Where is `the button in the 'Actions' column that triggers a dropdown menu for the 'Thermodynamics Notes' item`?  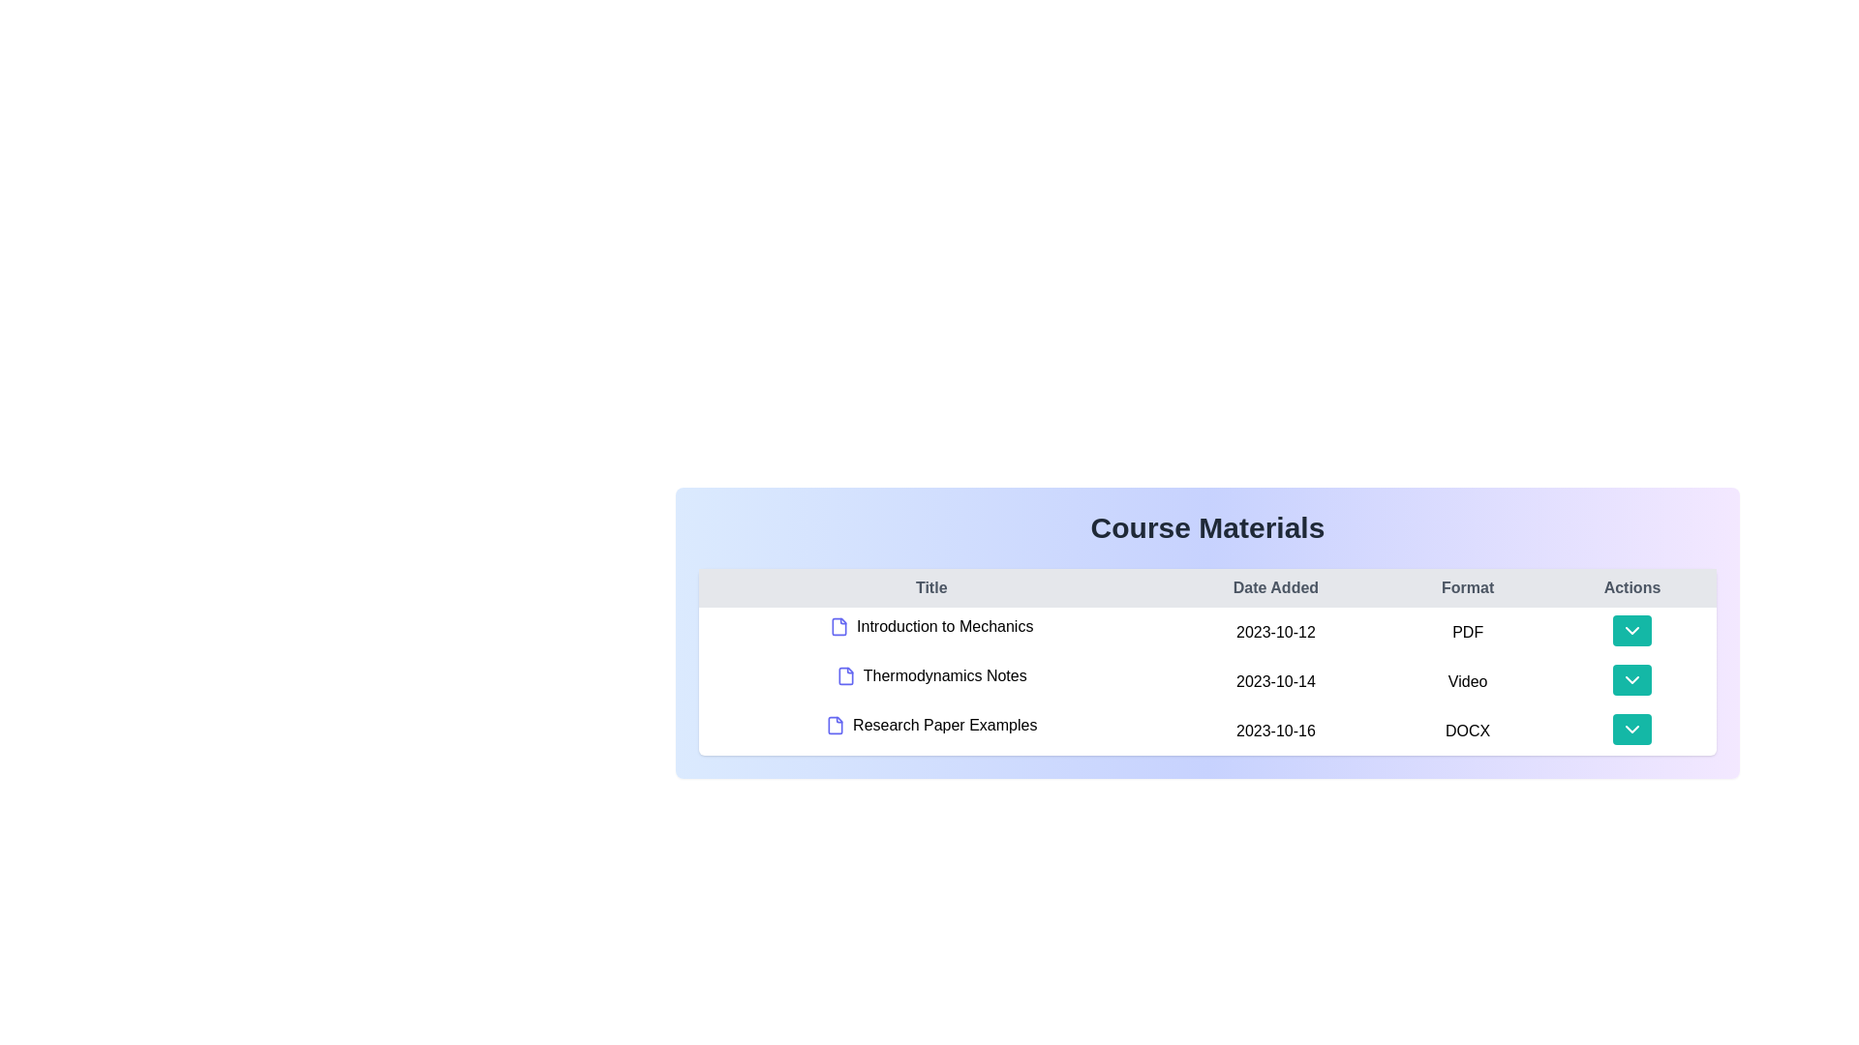
the button in the 'Actions' column that triggers a dropdown menu for the 'Thermodynamics Notes' item is located at coordinates (1630, 680).